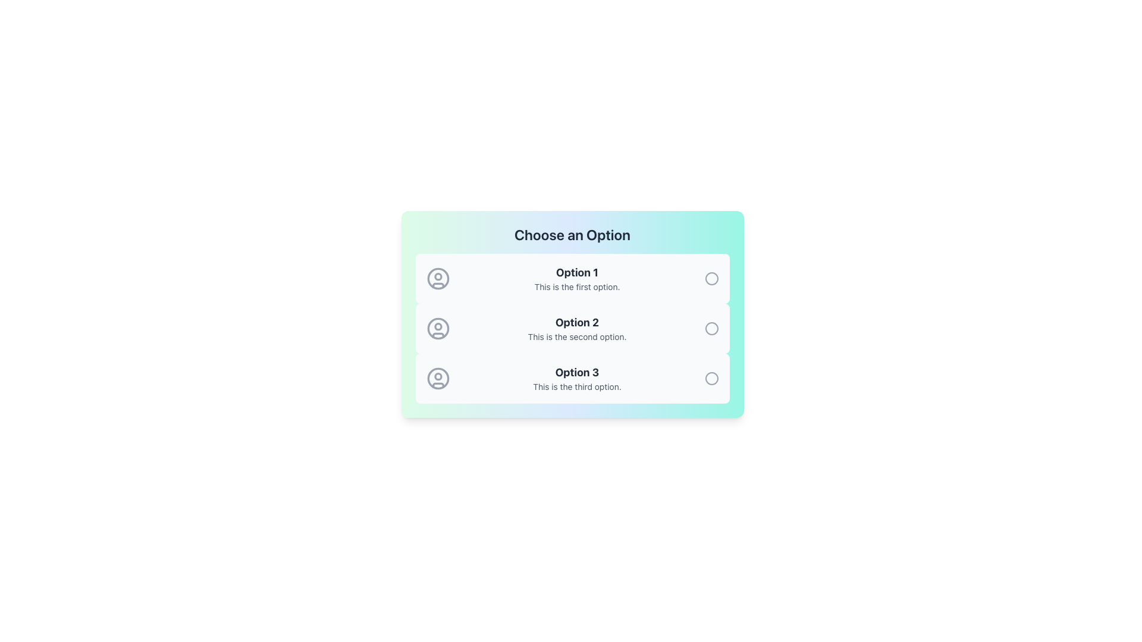 The height and width of the screenshot is (642, 1142). I want to click on the 'Option 2' text label, which is styled with bold and large font size in dark gray, located below 'Choose an Option' and above 'This is the second option', so click(577, 323).